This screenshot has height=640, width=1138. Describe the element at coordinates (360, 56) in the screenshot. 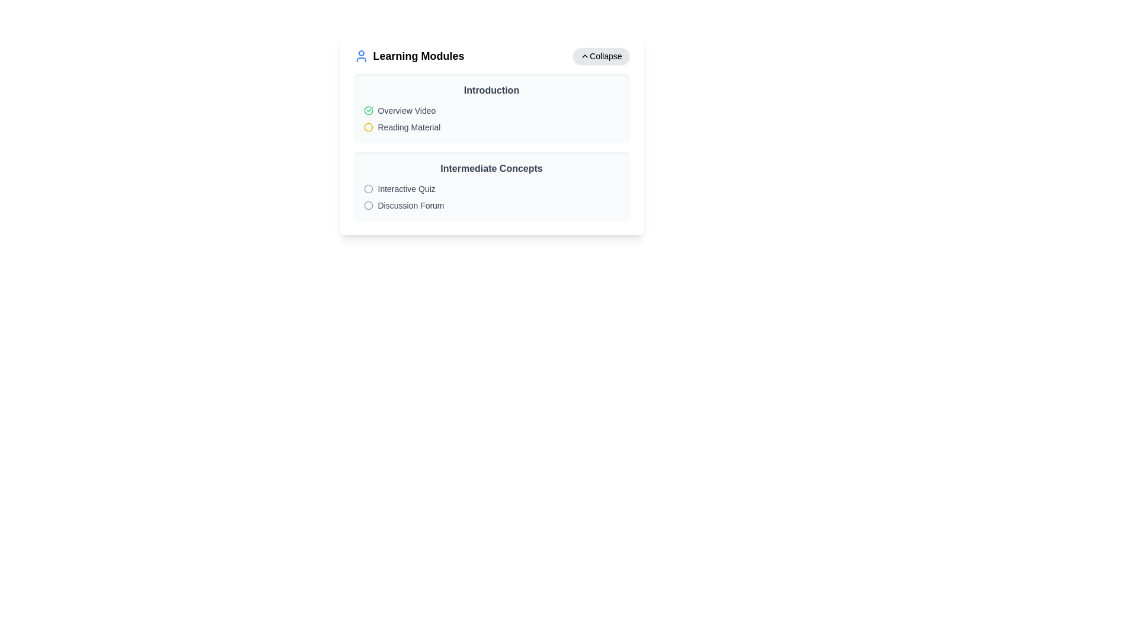

I see `the user icon styled in bright blue, located to the left of the 'Learning Modules' text in the header section of the UI block` at that location.